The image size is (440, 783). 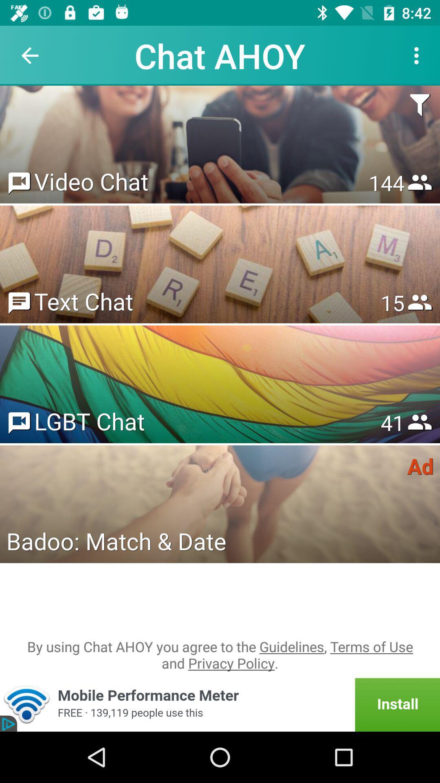 What do you see at coordinates (392, 302) in the screenshot?
I see `item next to text chat` at bounding box center [392, 302].